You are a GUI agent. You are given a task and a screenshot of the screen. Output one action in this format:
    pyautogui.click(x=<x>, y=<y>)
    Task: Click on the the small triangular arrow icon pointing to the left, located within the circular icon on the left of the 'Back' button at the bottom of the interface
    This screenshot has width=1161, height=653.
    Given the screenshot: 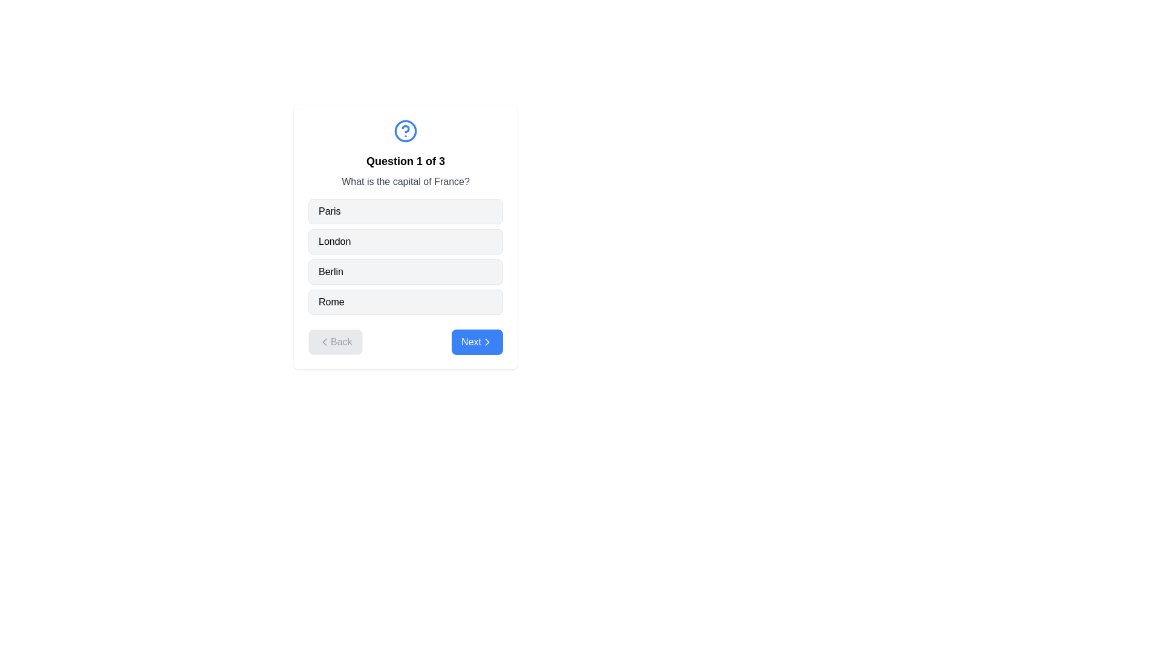 What is the action you would take?
    pyautogui.click(x=325, y=342)
    